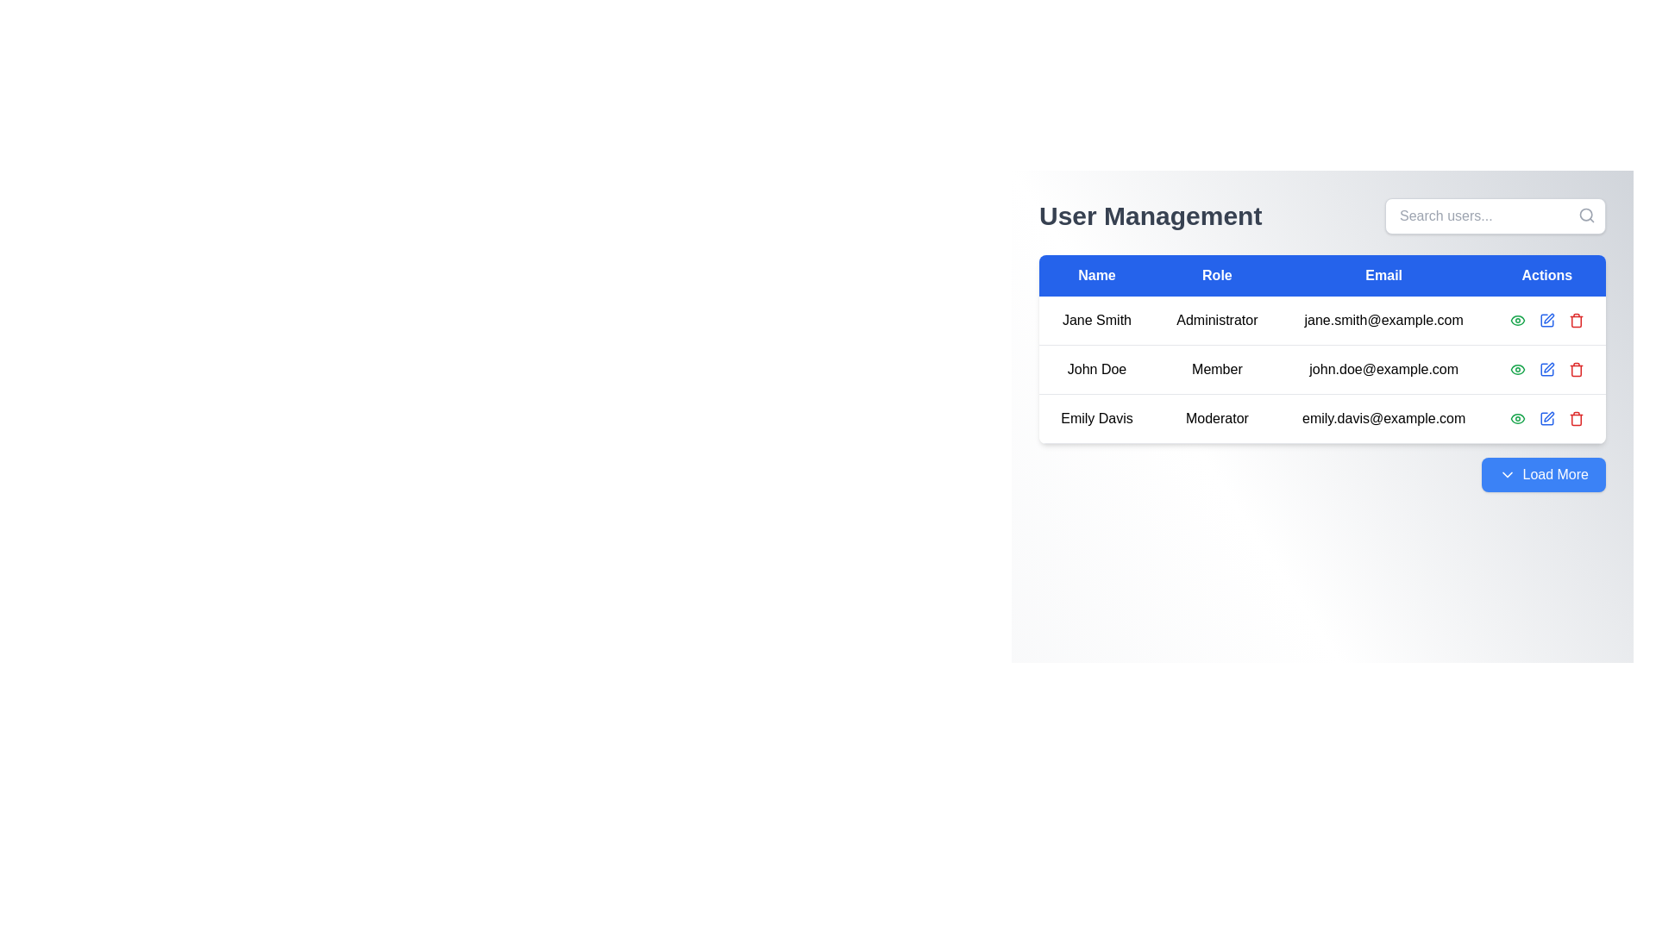 This screenshot has height=931, width=1656. Describe the element at coordinates (1546, 419) in the screenshot. I see `the edit icon button for the user 'Emily Davis' located` at that location.